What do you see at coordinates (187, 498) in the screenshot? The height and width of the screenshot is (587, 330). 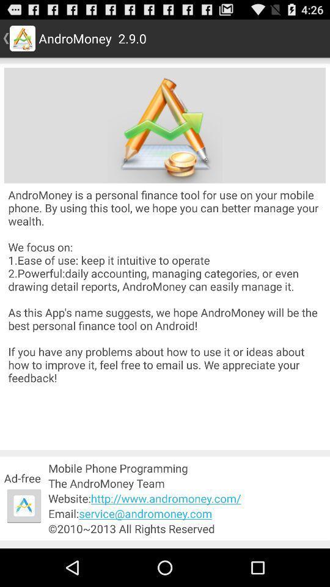 I see `website http www app` at bounding box center [187, 498].